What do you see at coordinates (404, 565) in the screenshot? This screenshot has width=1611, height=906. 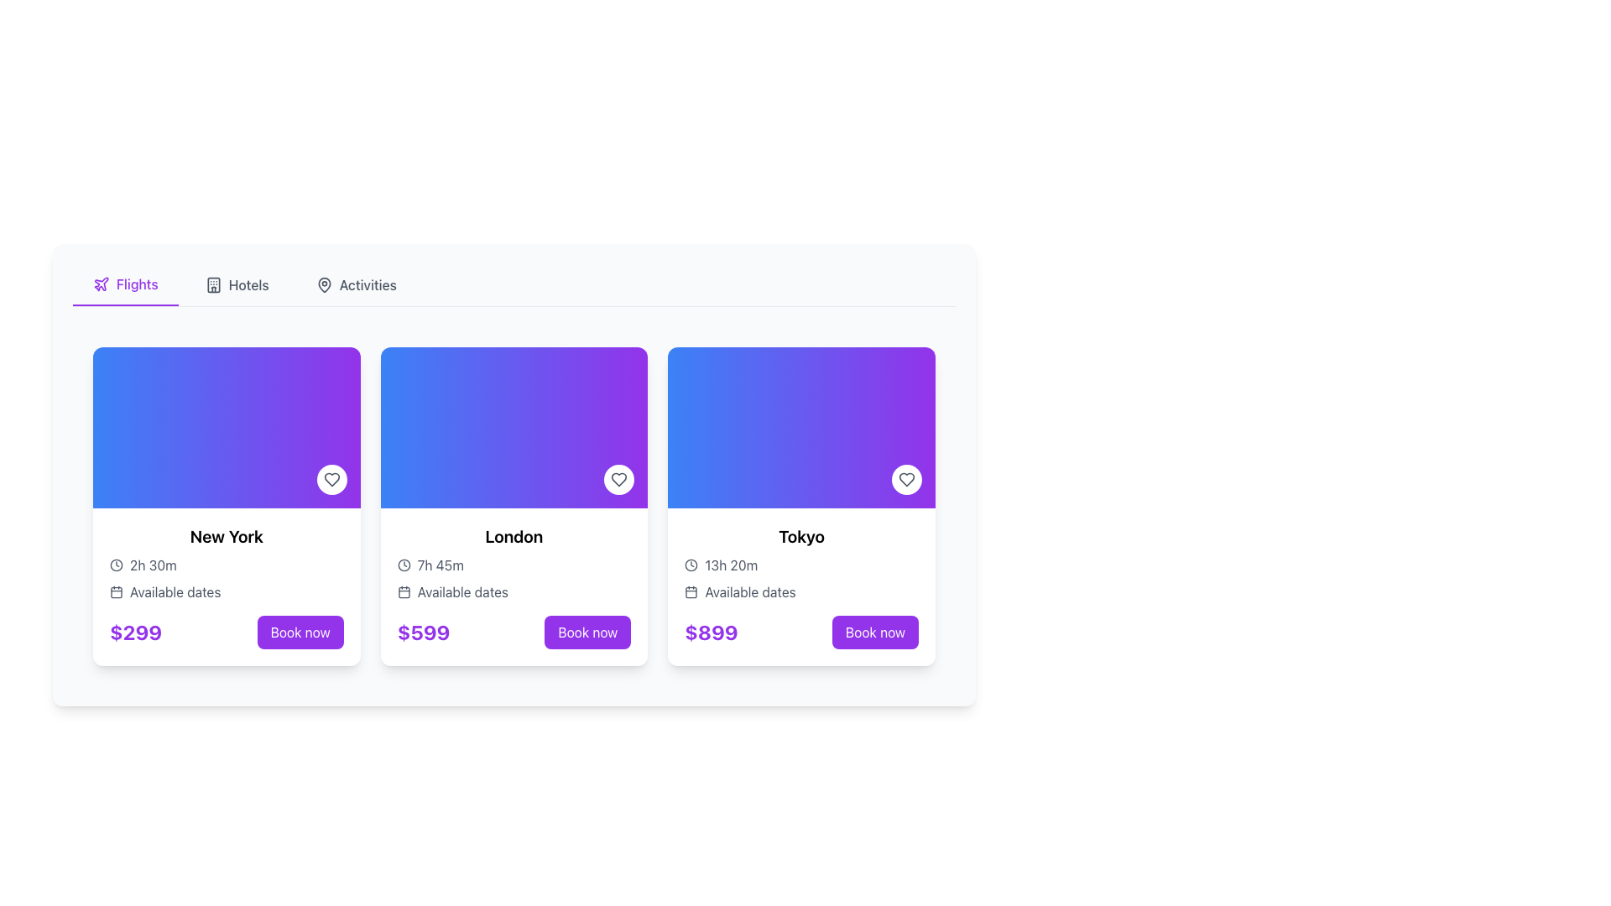 I see `the SVG circle element that is part of the clock icon representing the duration for the London trip, located in the middle of the London card` at bounding box center [404, 565].